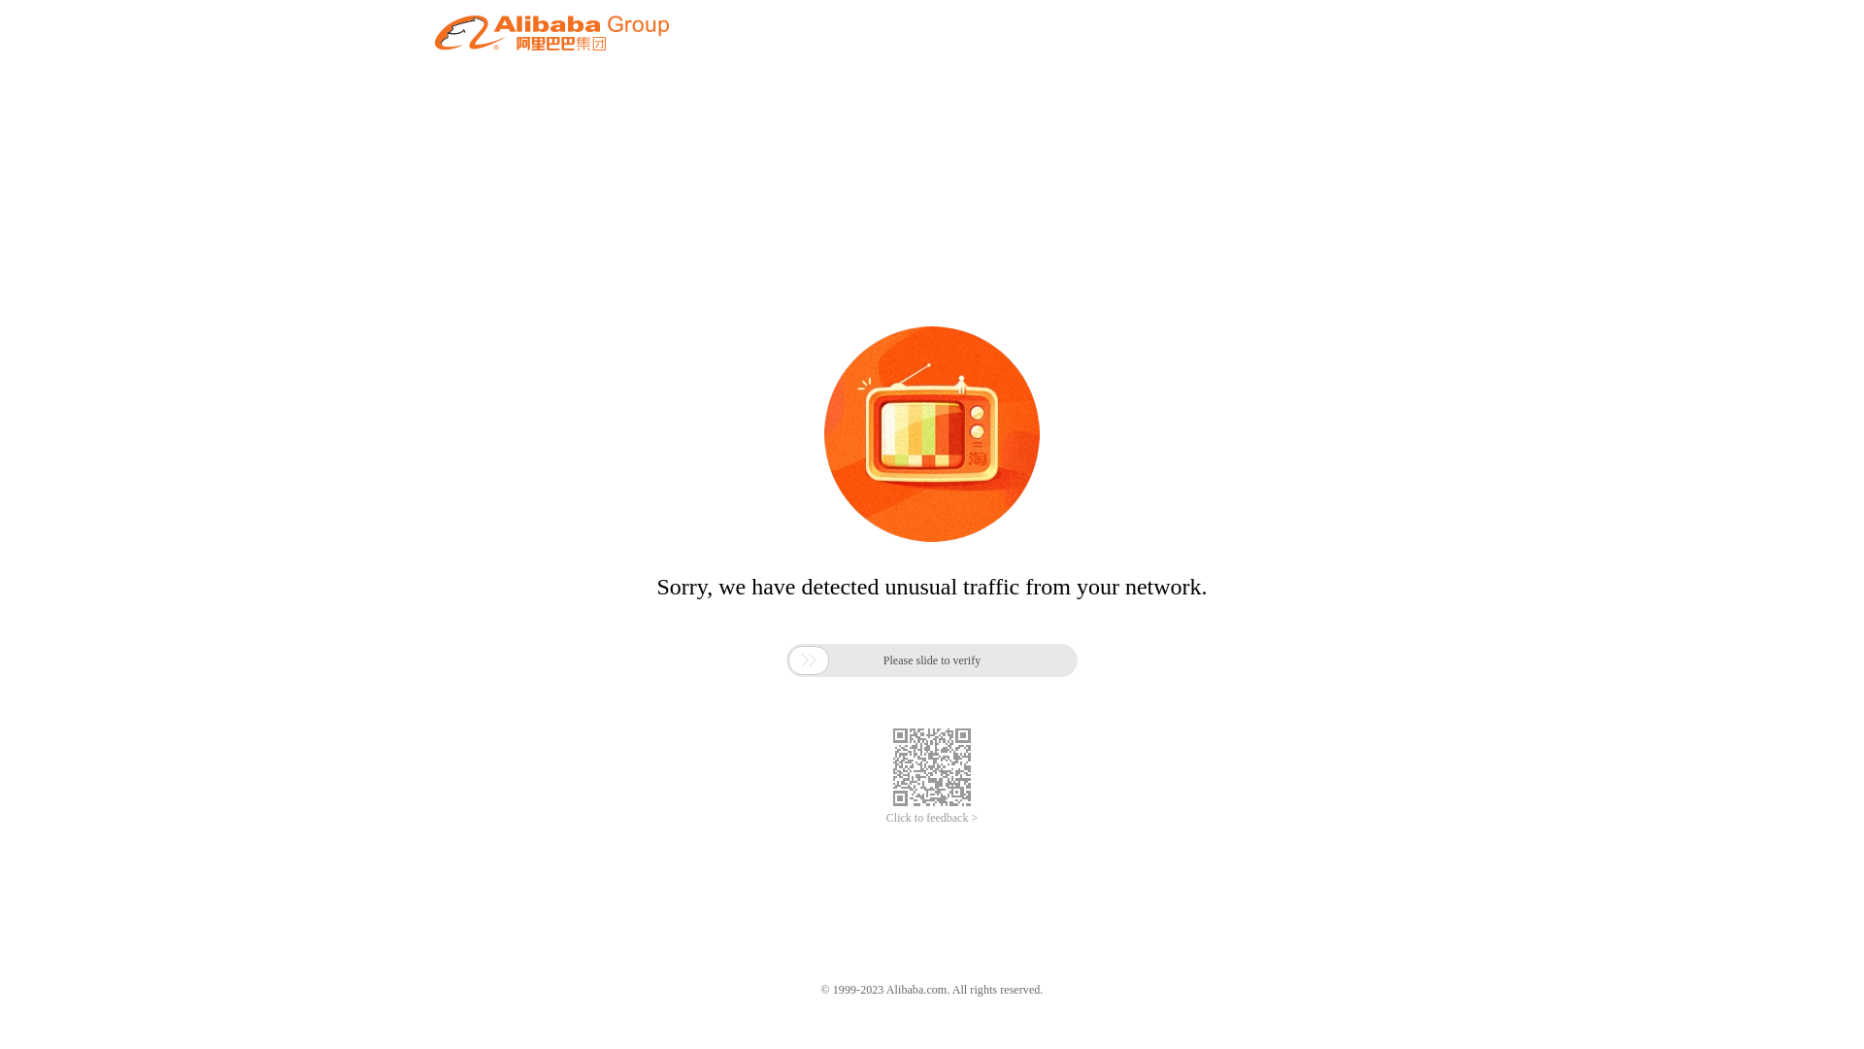 Image resolution: width=1864 pixels, height=1049 pixels. What do you see at coordinates (932, 818) in the screenshot?
I see `'Click to feedback >'` at bounding box center [932, 818].